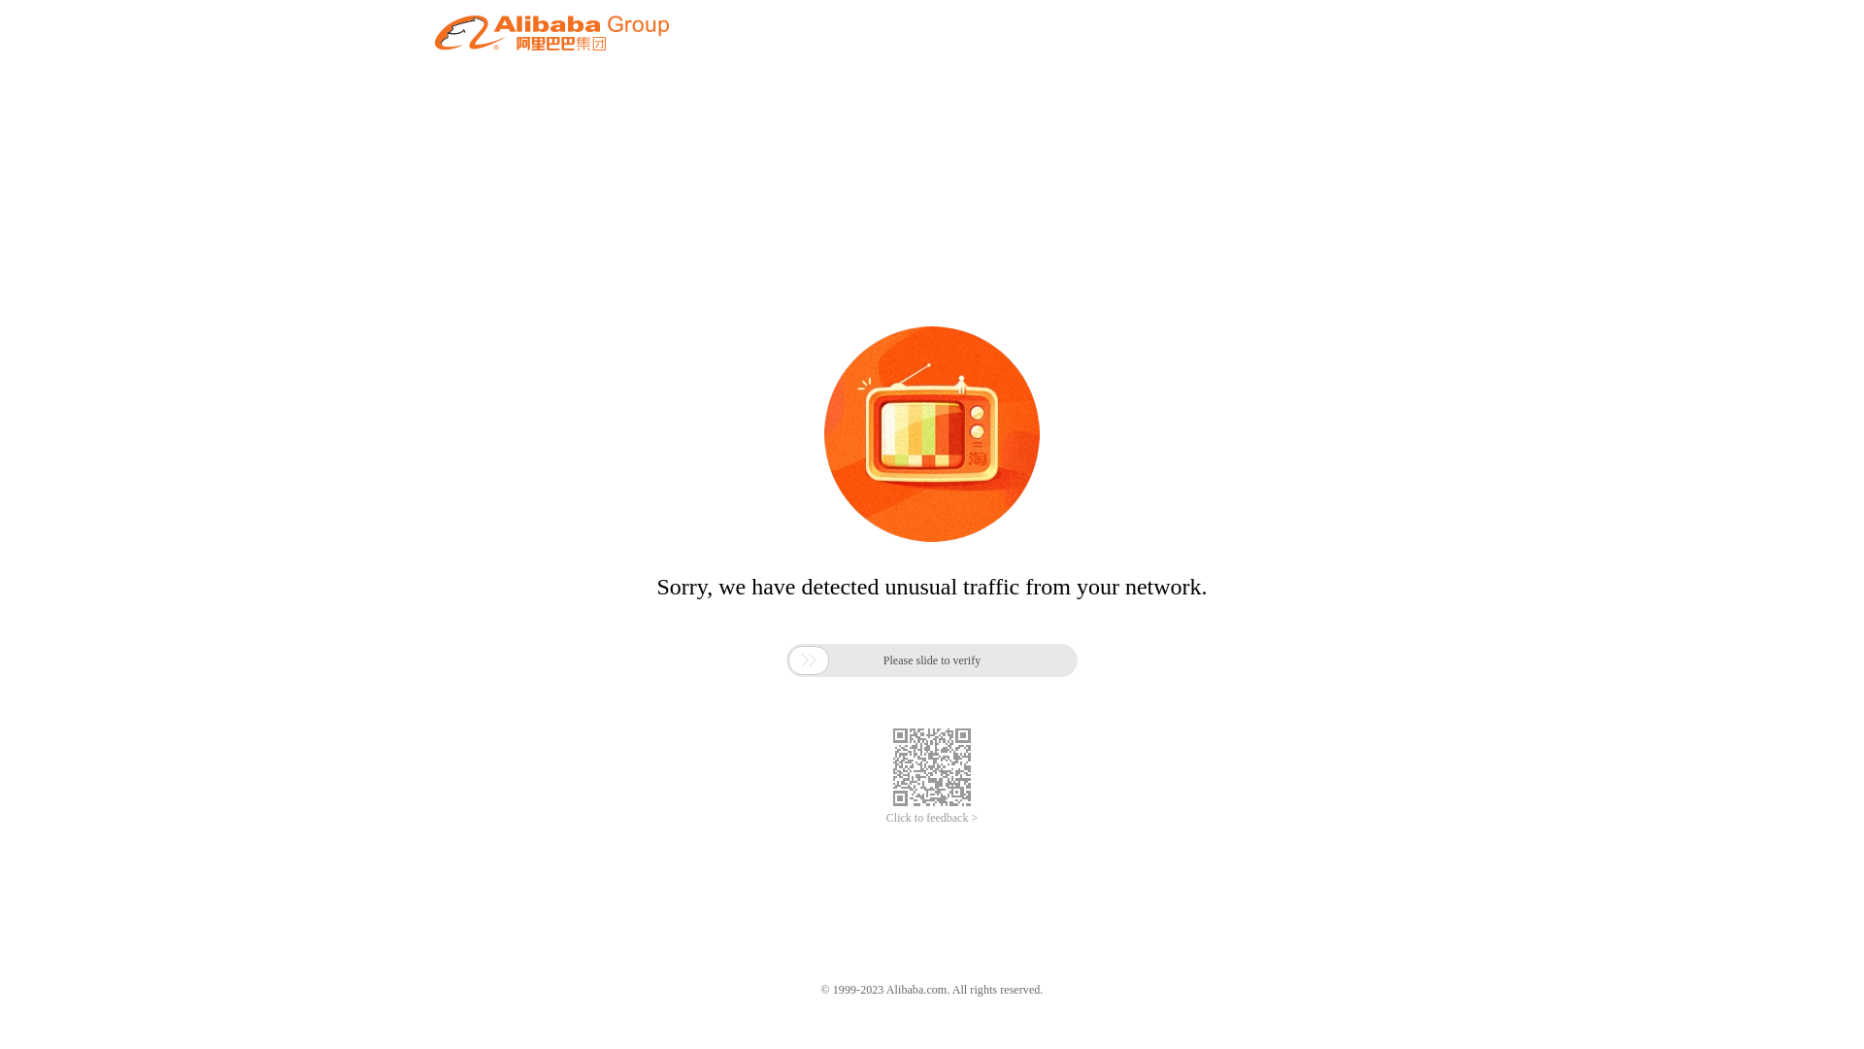 Image resolution: width=1864 pixels, height=1049 pixels. What do you see at coordinates (932, 818) in the screenshot?
I see `'Click to feedback >'` at bounding box center [932, 818].